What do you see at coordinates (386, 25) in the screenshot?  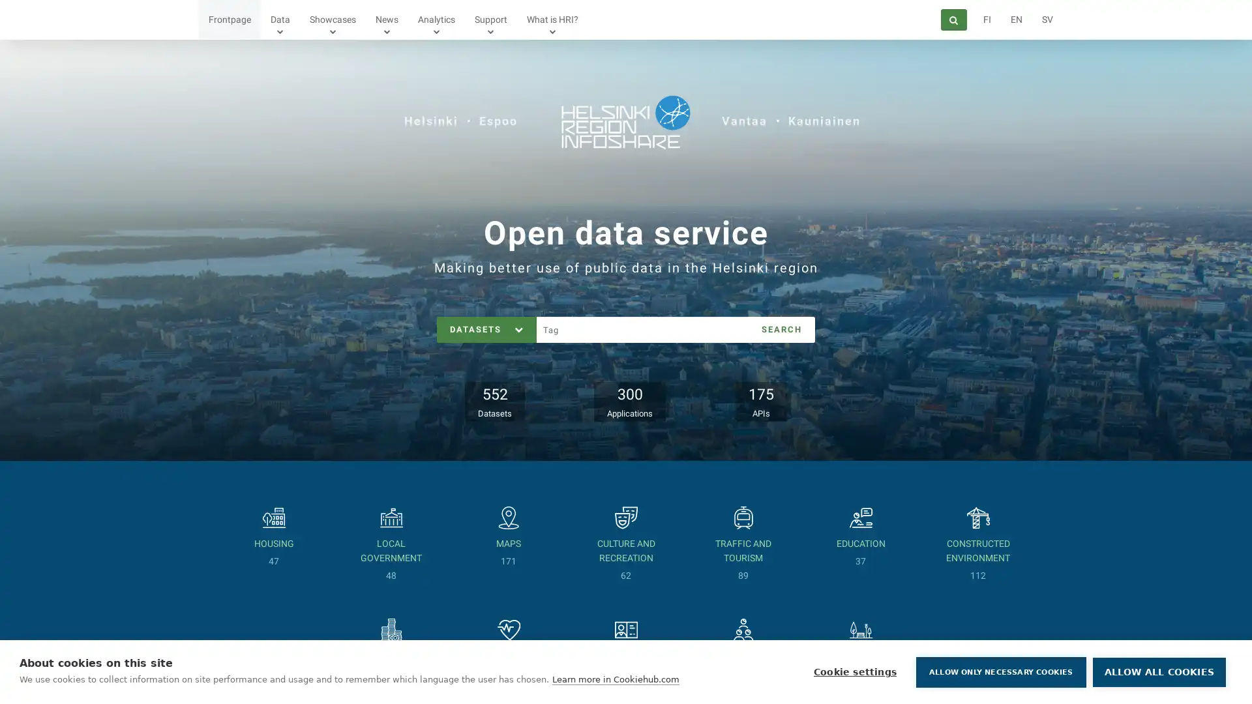 I see `Show submenu for News` at bounding box center [386, 25].